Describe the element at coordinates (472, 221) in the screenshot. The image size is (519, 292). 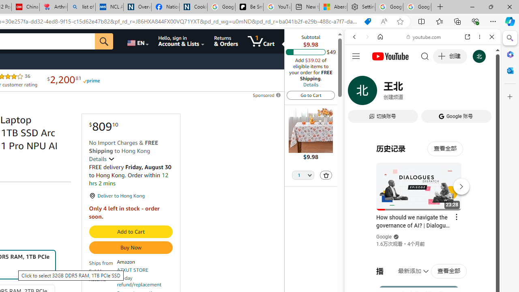
I see `'Show More Music'` at that location.